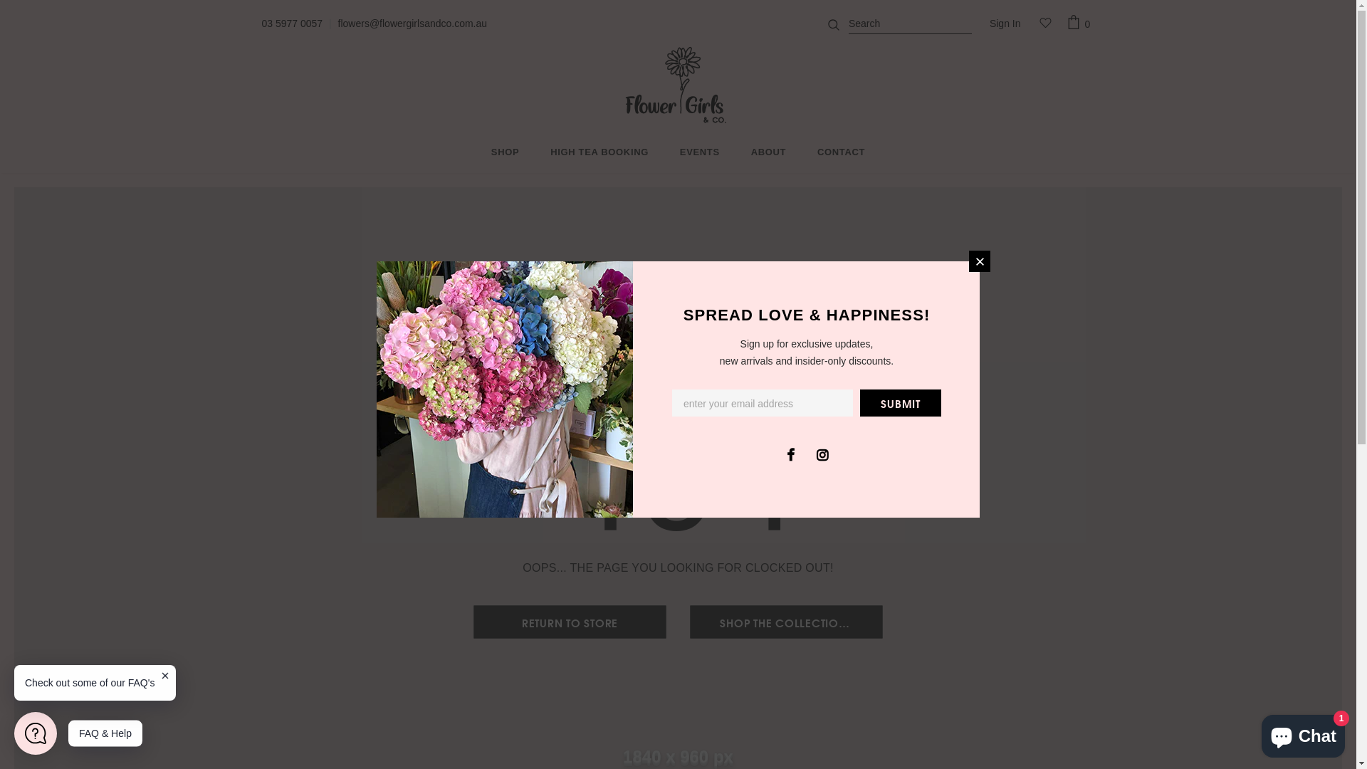 Image resolution: width=1367 pixels, height=769 pixels. Describe the element at coordinates (979, 261) in the screenshot. I see `'Close'` at that location.